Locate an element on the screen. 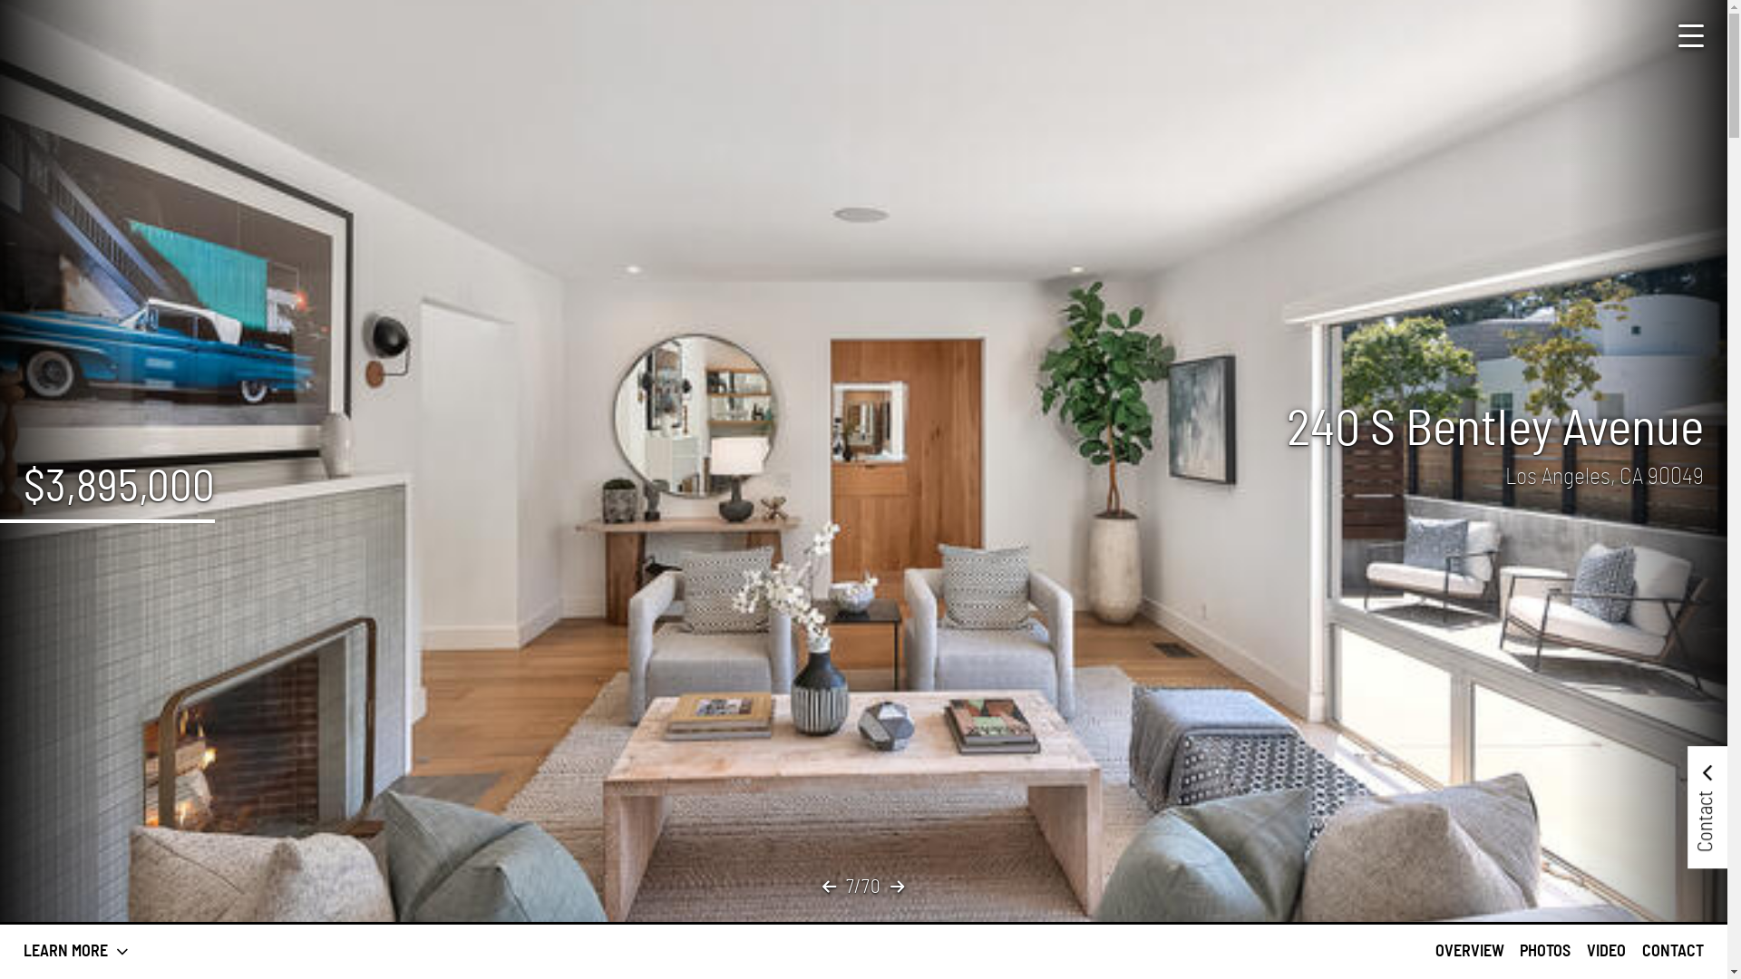 The image size is (1741, 979). 'OVERVIEW' is located at coordinates (1470, 950).